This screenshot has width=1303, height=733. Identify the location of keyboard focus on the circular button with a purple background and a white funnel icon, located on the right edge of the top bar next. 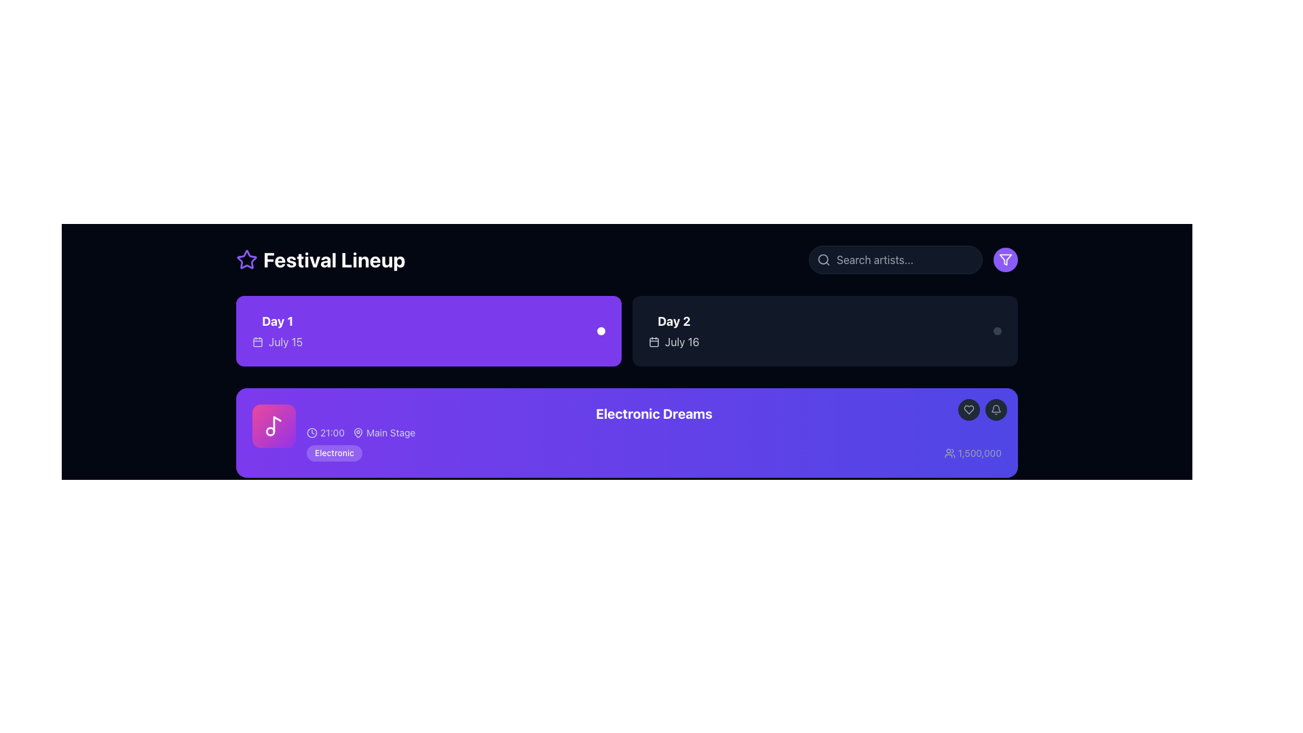
(1006, 259).